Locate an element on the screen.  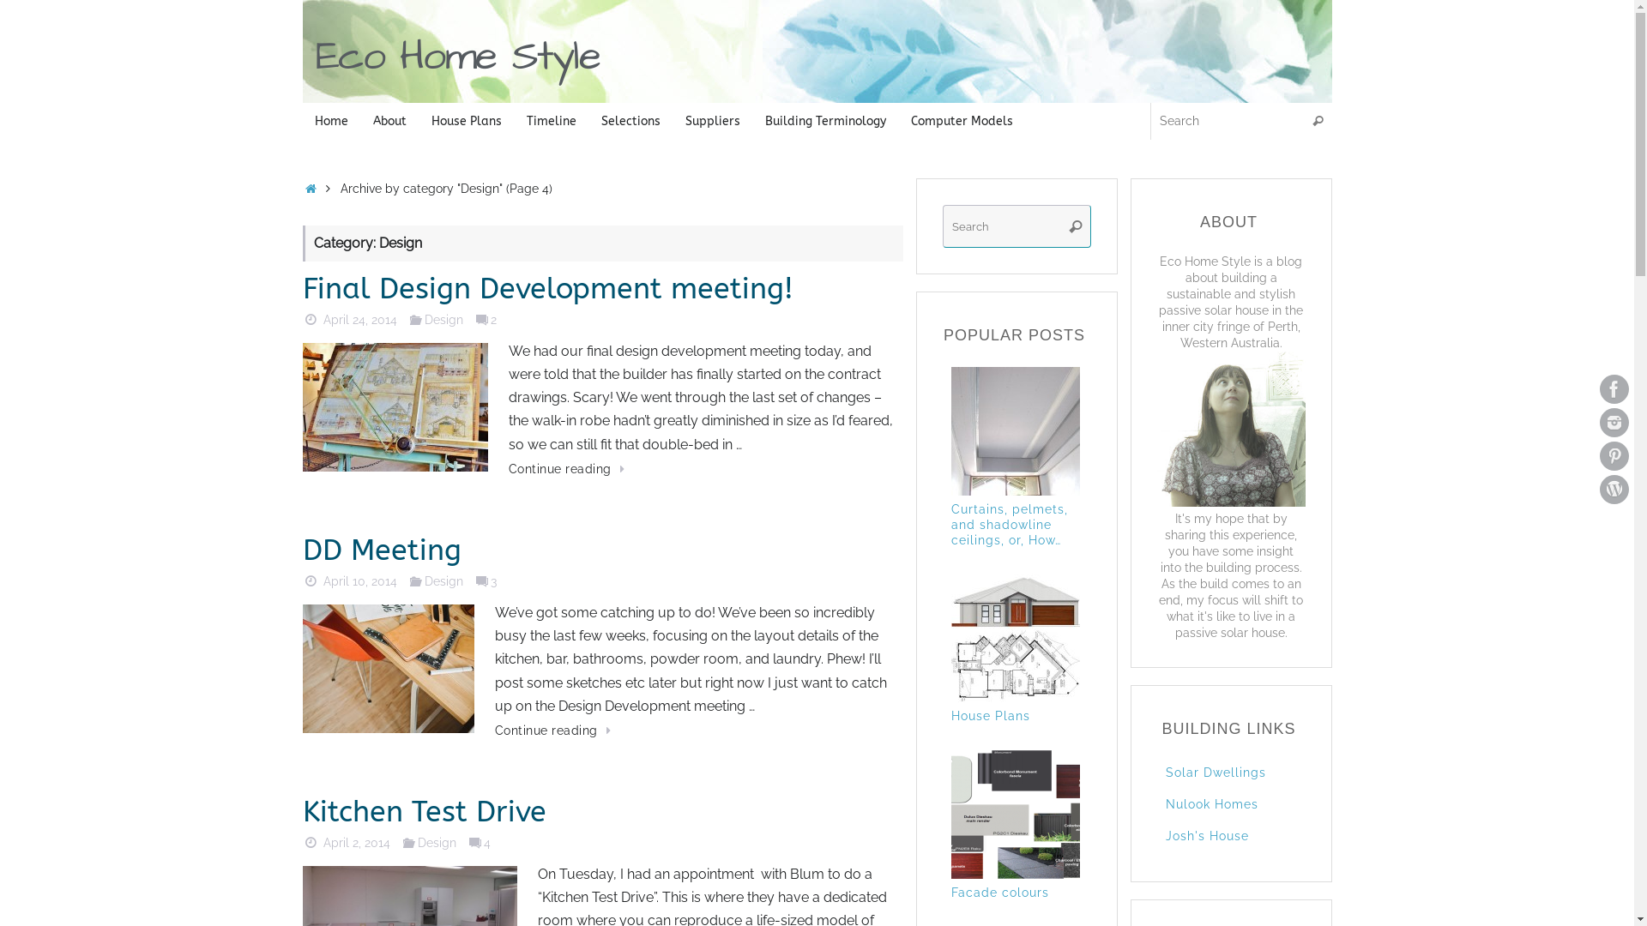
'Timeline' is located at coordinates (514, 120).